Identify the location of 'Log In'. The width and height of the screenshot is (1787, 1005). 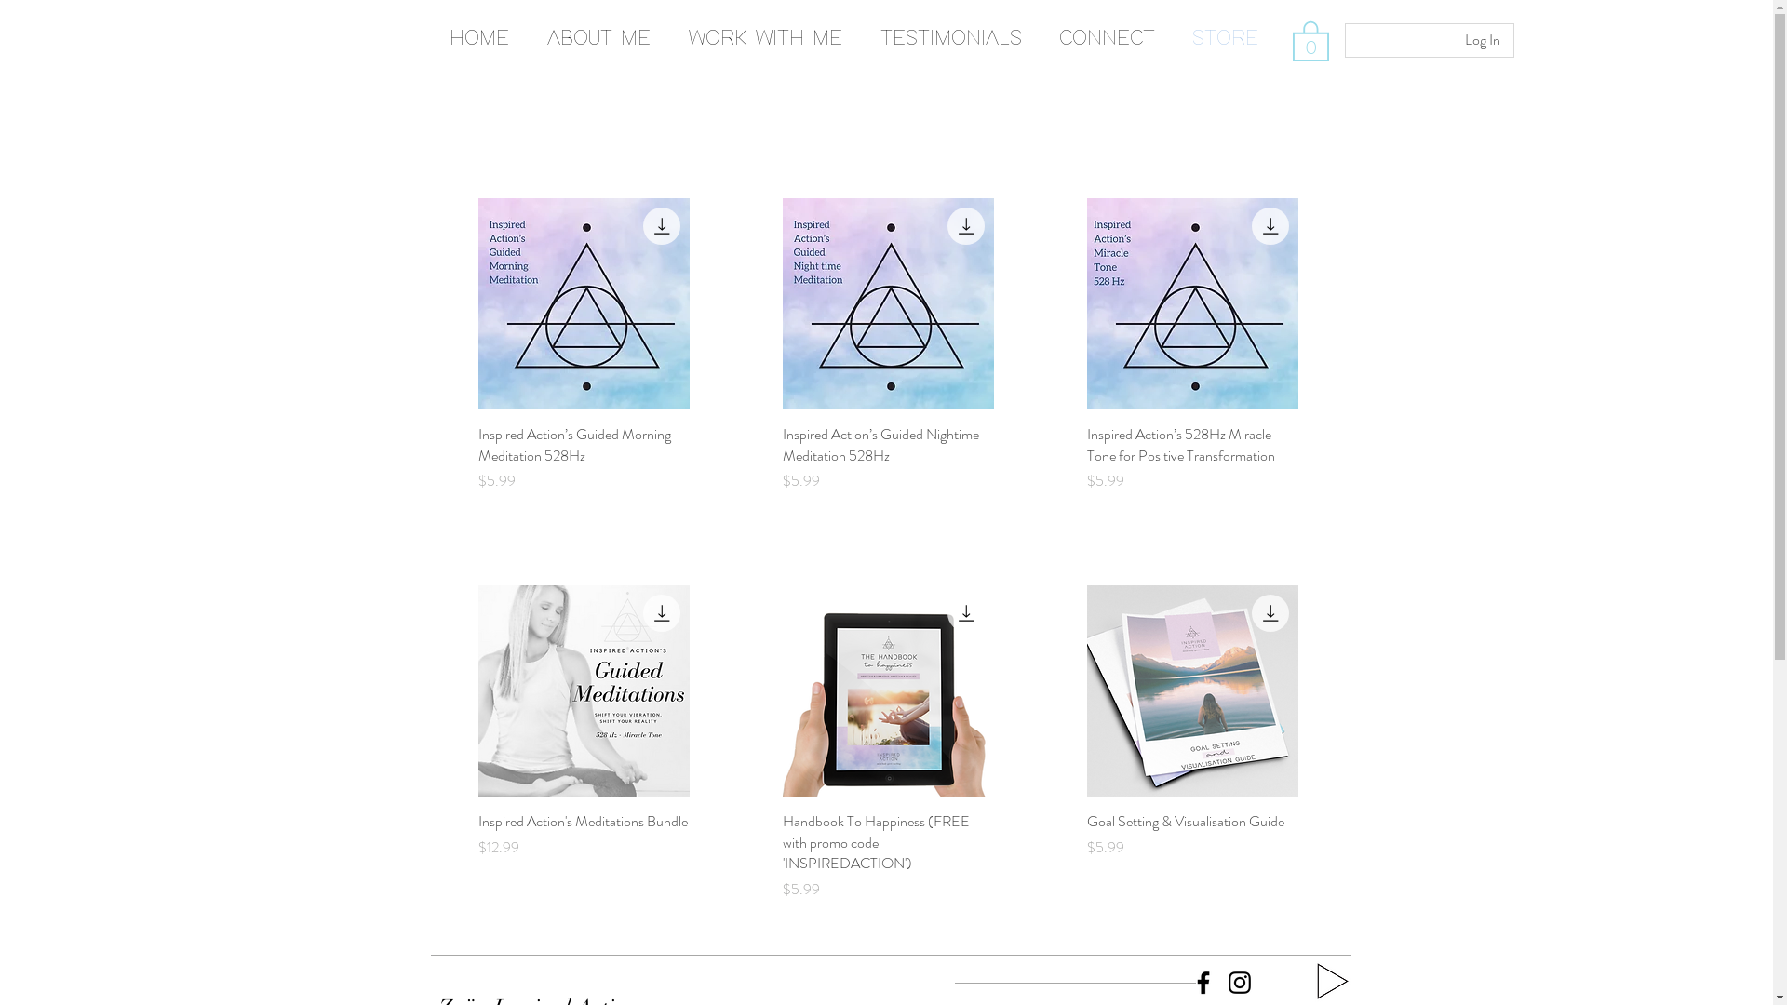
(1451, 39).